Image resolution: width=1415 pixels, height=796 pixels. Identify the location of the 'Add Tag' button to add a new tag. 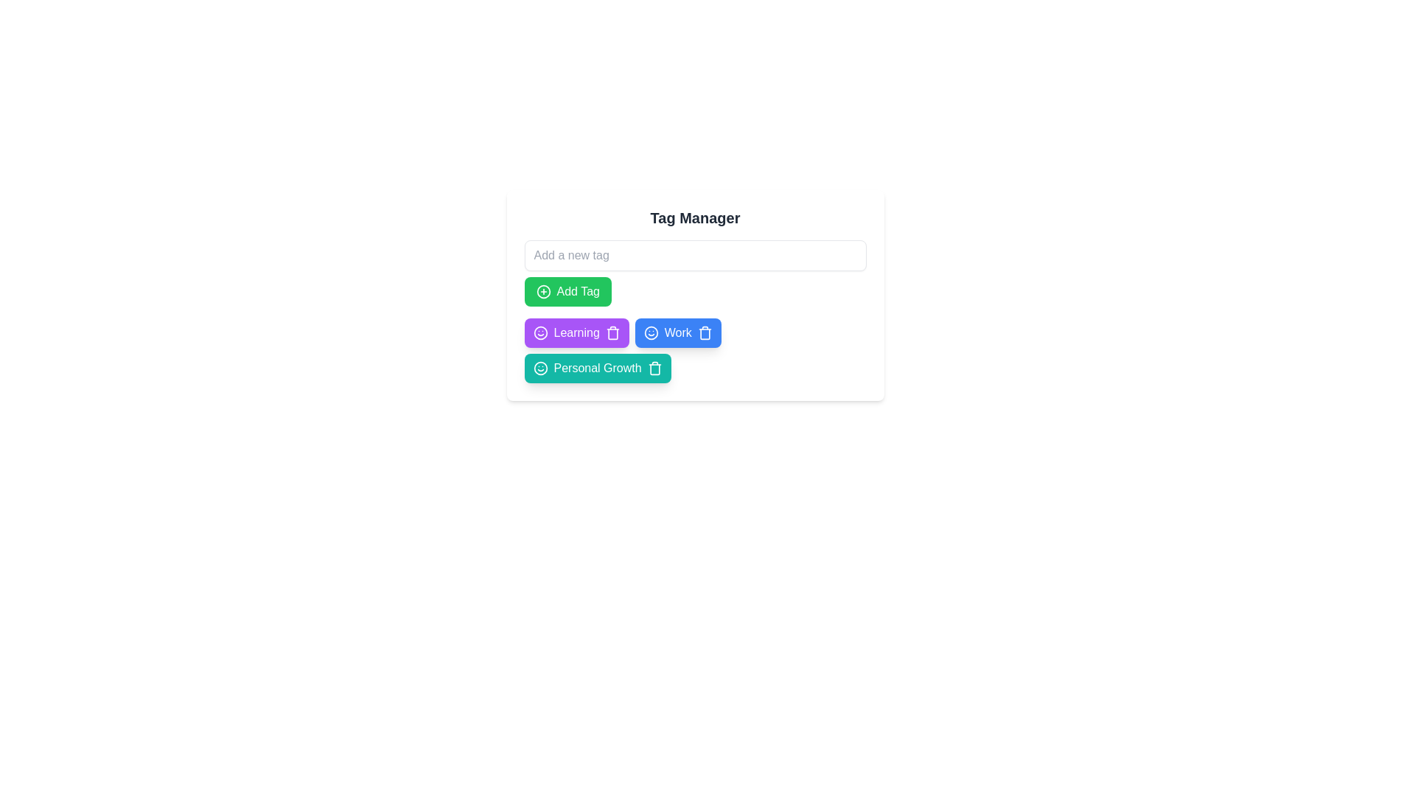
(567, 292).